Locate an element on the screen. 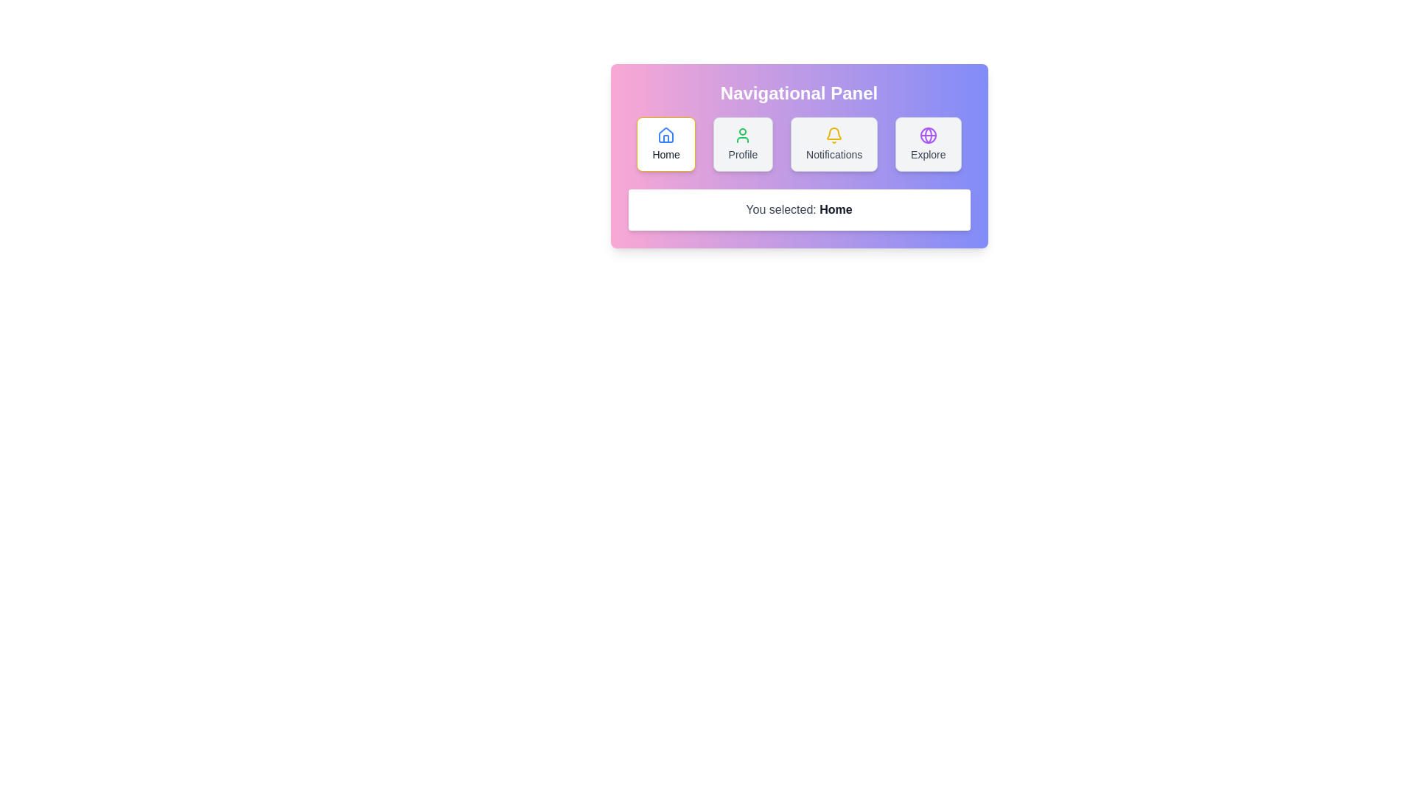 This screenshot has width=1415, height=796. the 'Explore' navigation icon, which is located at the top center of the 'Explore' button area, just above the label 'Explore' is located at coordinates (927, 136).